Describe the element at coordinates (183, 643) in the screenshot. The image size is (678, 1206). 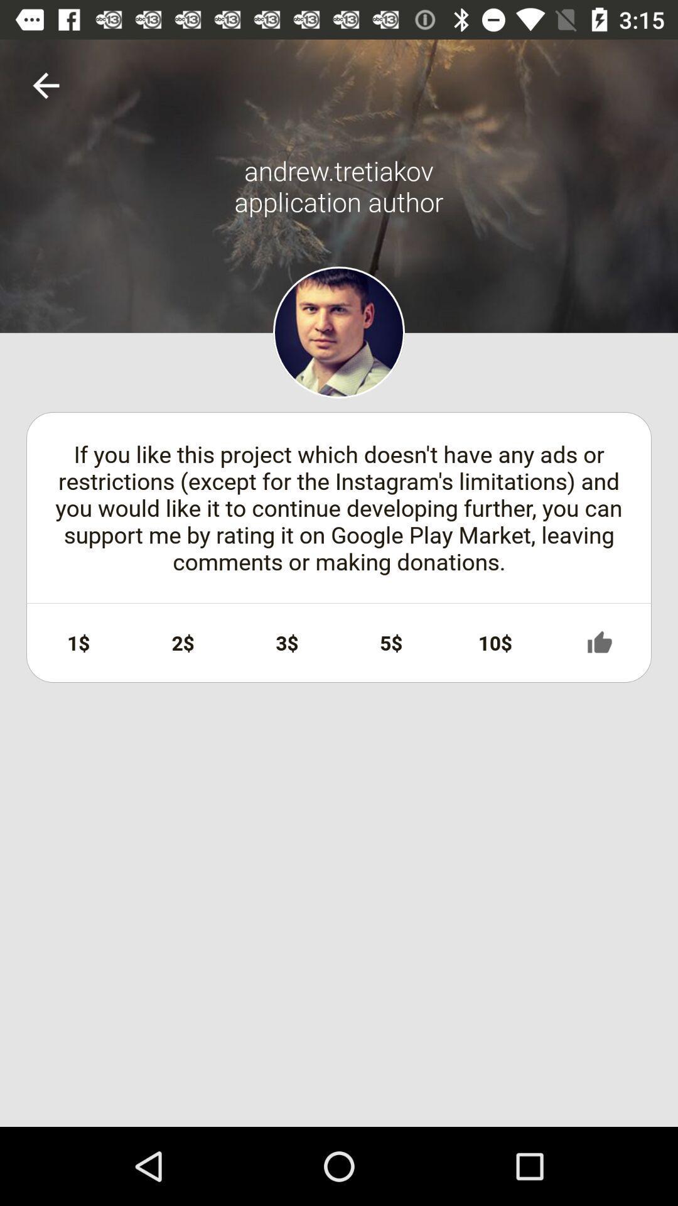
I see `2$ icon` at that location.